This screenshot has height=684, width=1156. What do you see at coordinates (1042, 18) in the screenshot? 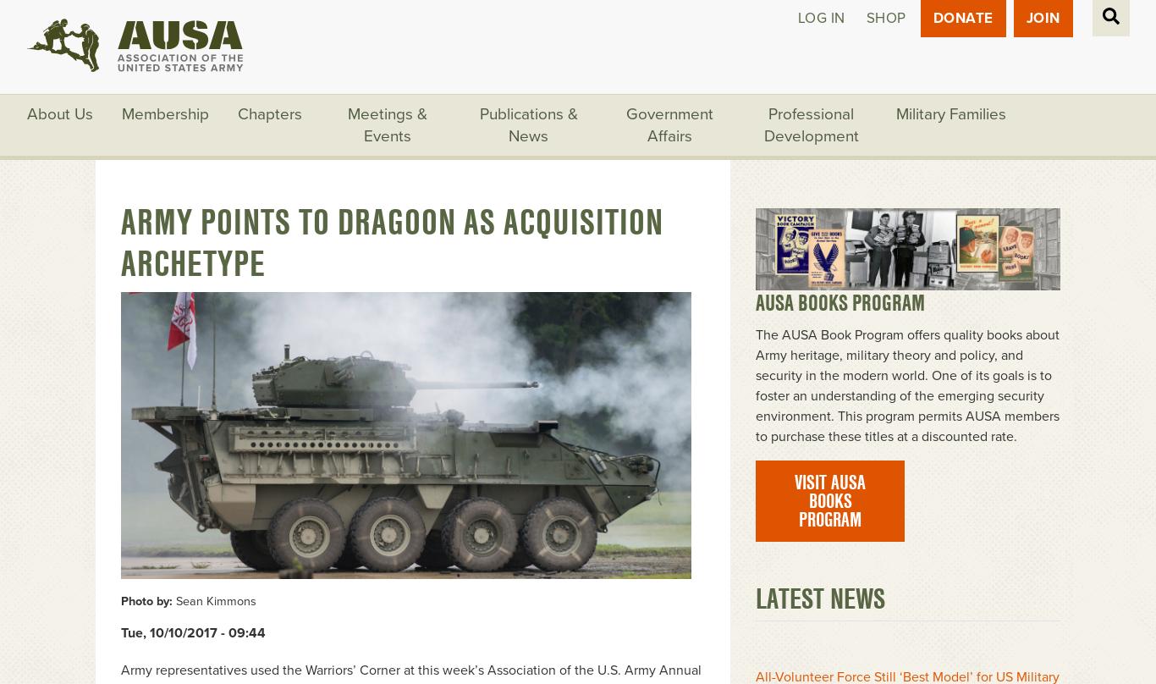
I see `'JOIN'` at bounding box center [1042, 18].